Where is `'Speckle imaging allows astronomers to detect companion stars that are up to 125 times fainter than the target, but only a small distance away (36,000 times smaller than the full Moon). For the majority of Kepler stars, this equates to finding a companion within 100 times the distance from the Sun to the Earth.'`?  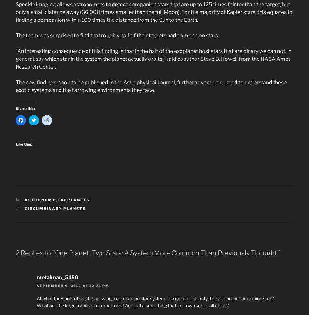
'Speckle imaging allows astronomers to detect companion stars that are up to 125 times fainter than the target, but only a small distance away (36,000 times smaller than the full Moon). For the majority of Kepler stars, this equates to finding a companion within 100 times the distance from the Sun to the Earth.' is located at coordinates (15, 12).